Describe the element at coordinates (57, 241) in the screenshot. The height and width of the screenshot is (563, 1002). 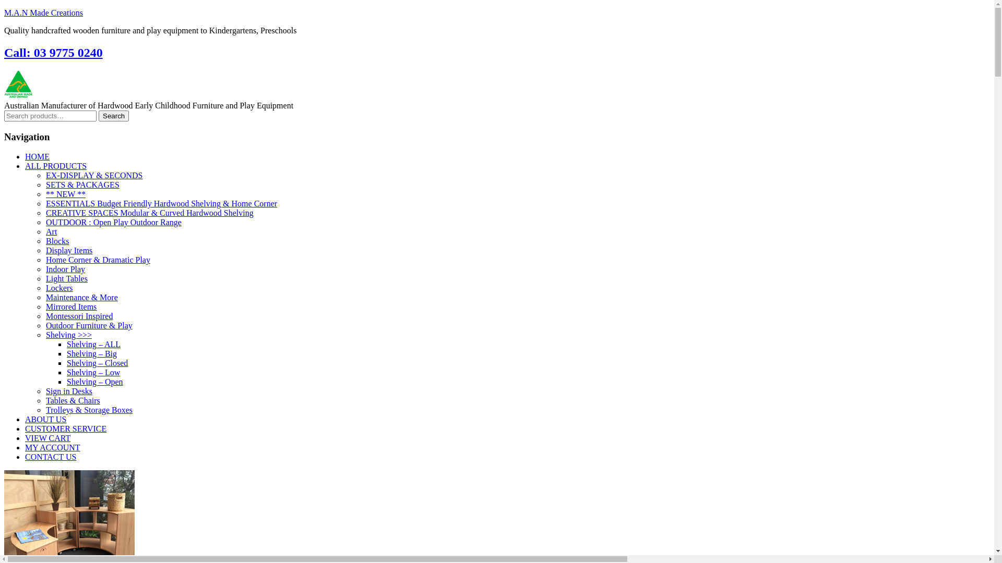
I see `'Blocks'` at that location.